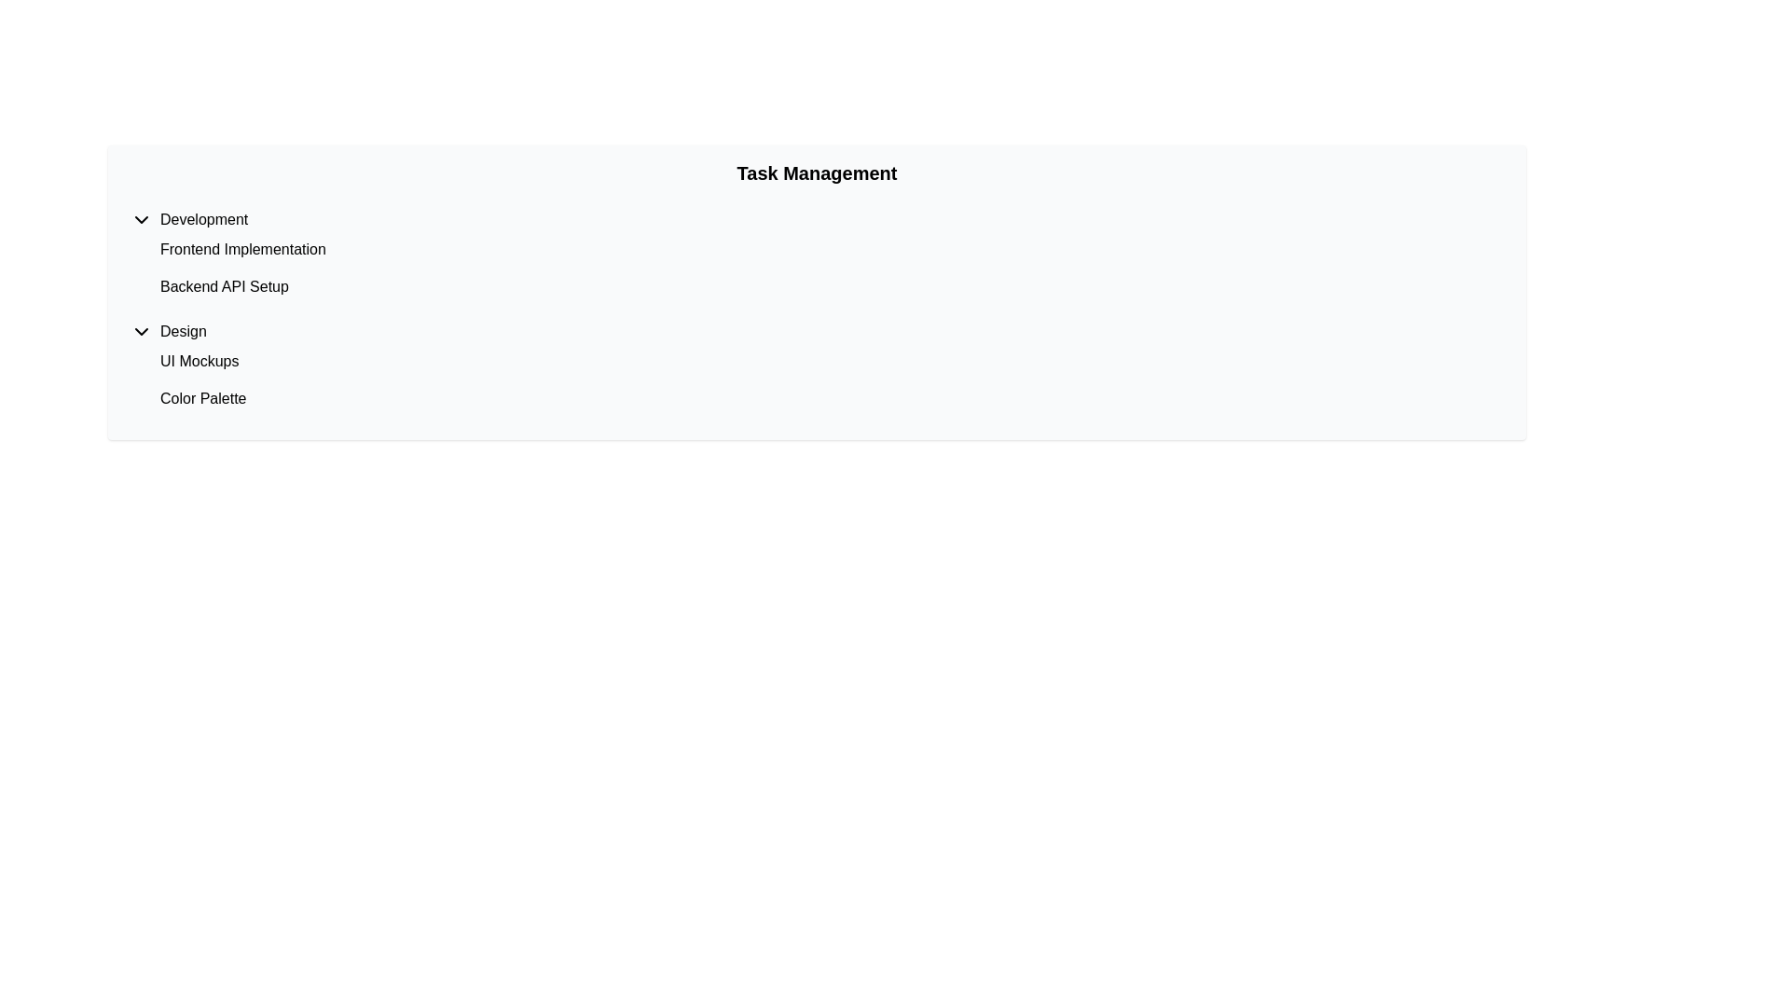  What do you see at coordinates (203, 398) in the screenshot?
I see `the Text Label displaying 'Color Palette' located beneath the 'UI Mockups' label in the 'Design' section of the task list` at bounding box center [203, 398].